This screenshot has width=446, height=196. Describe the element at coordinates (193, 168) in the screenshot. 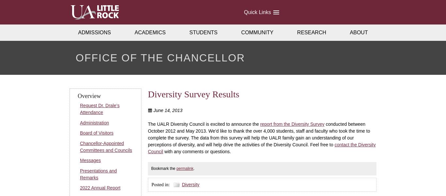

I see `'.'` at that location.